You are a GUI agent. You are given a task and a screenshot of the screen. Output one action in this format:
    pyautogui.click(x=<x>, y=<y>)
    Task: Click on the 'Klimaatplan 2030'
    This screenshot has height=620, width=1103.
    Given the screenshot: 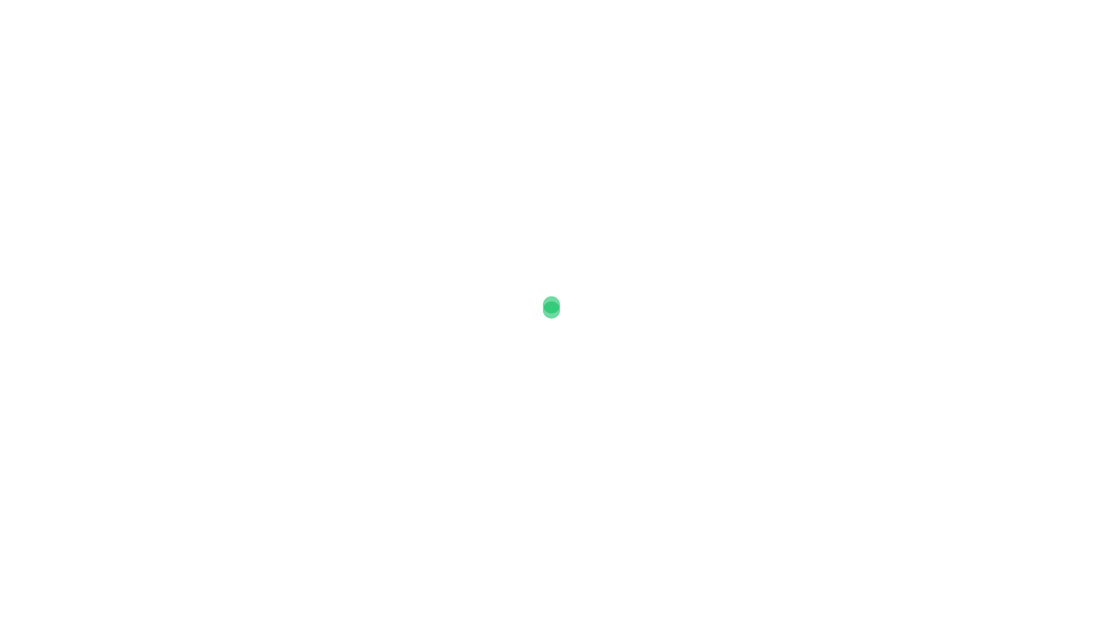 What is the action you would take?
    pyautogui.click(x=624, y=20)
    